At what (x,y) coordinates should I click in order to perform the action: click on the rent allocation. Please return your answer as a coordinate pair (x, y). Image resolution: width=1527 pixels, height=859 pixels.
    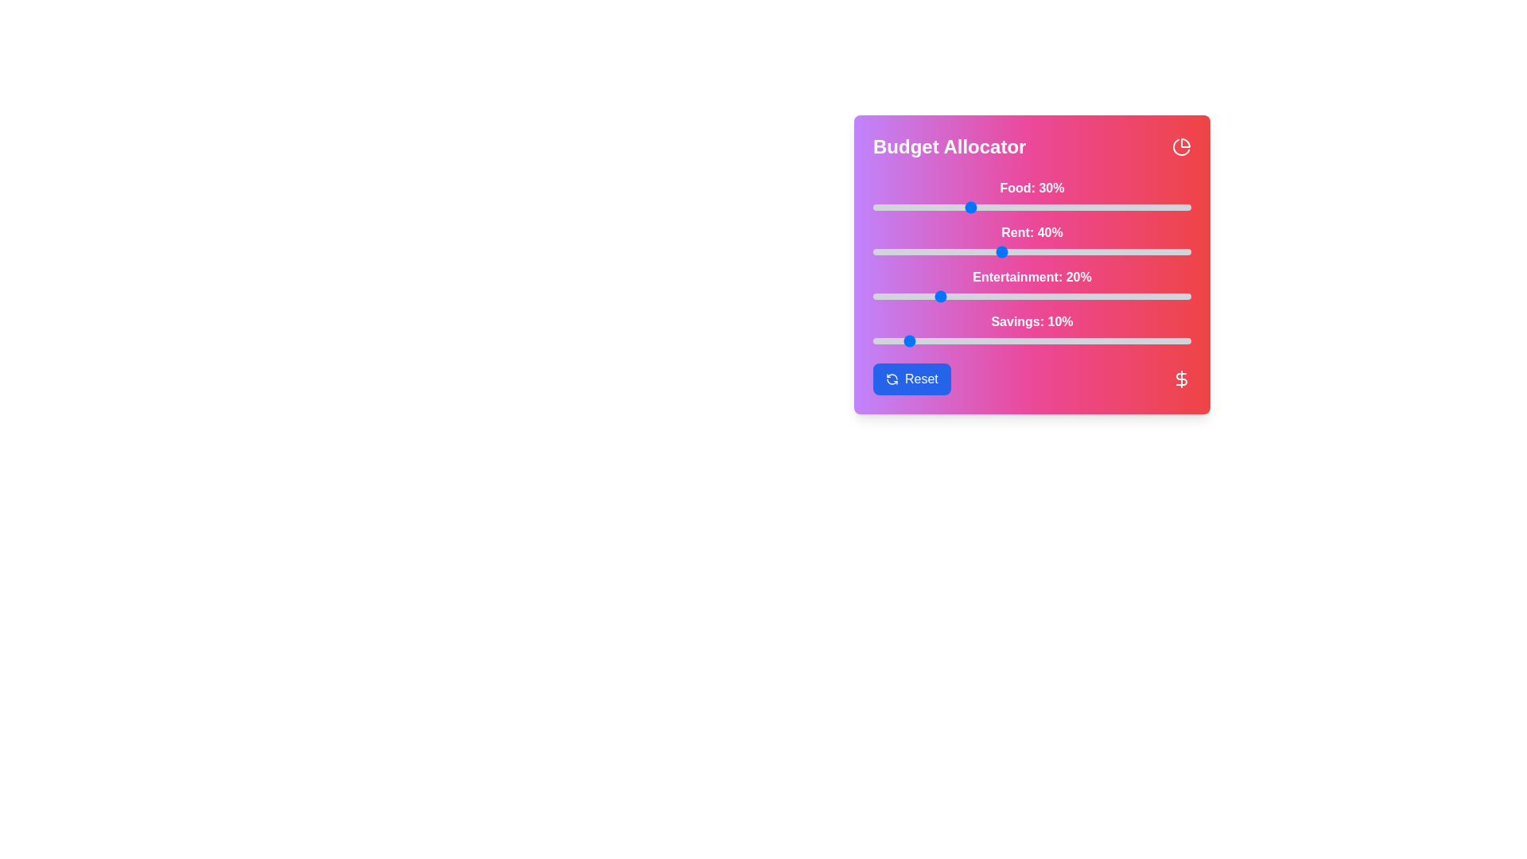
    Looking at the image, I should click on (1121, 251).